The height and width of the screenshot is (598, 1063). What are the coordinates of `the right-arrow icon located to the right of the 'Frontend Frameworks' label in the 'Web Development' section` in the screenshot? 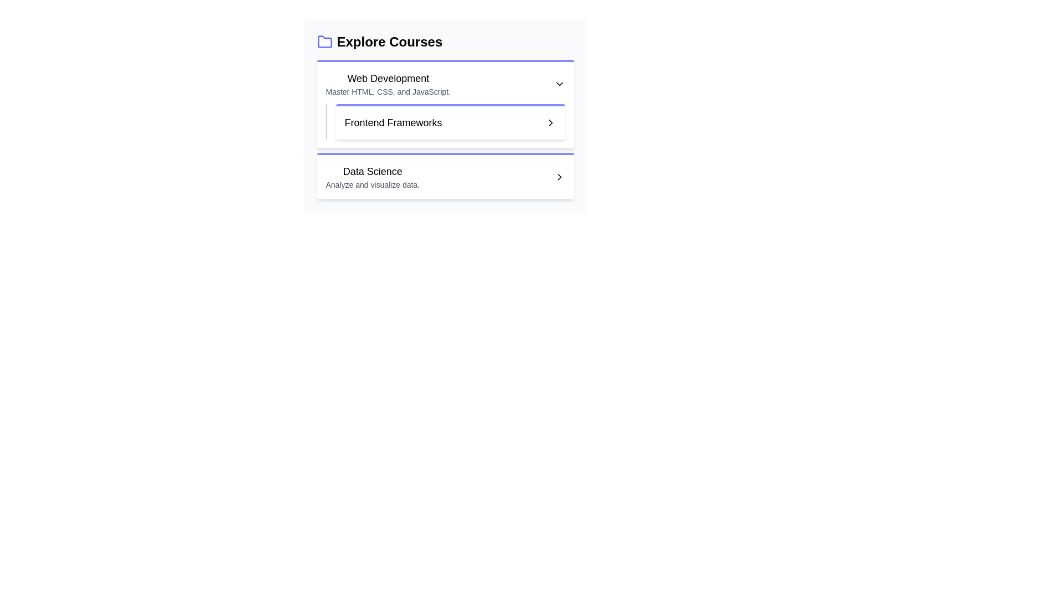 It's located at (550, 123).